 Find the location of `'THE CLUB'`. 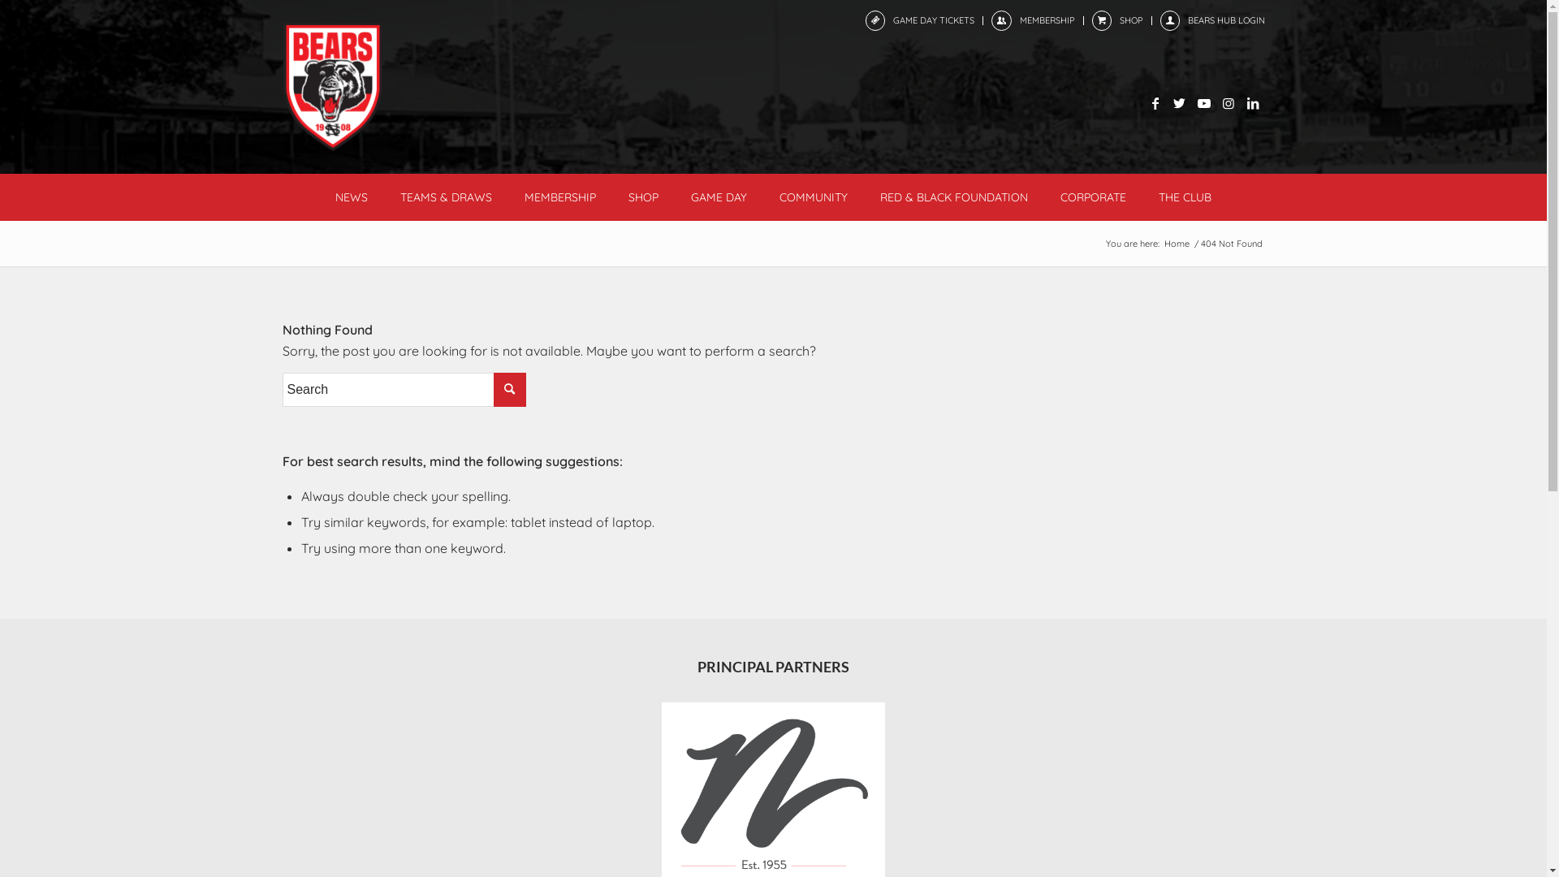

'THE CLUB' is located at coordinates (1185, 197).